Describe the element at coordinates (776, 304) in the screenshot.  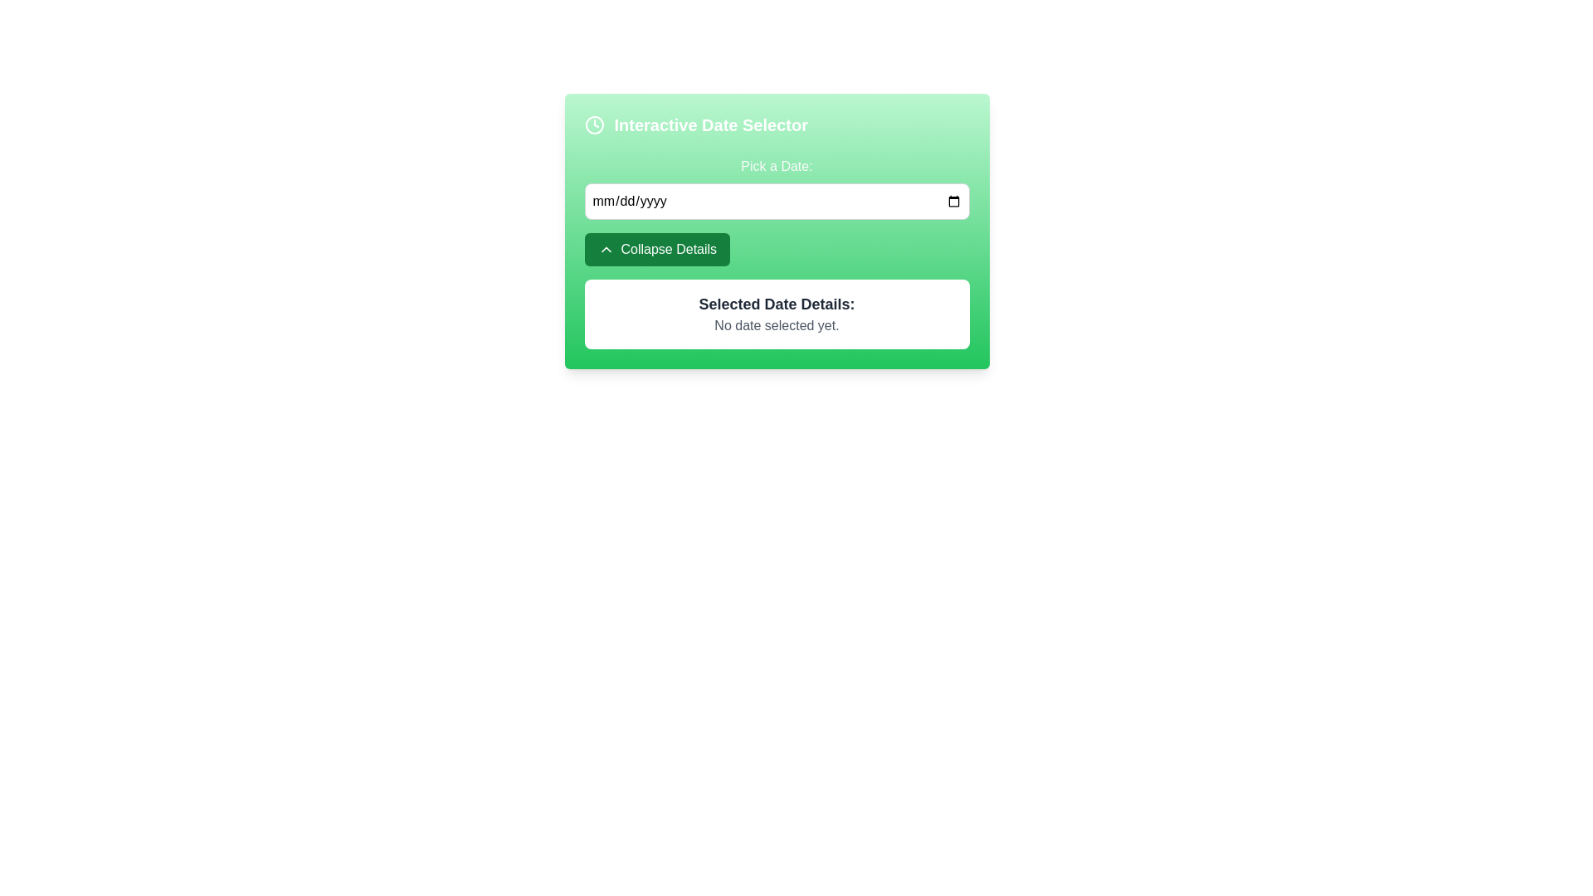
I see `the text label that serves as a heading for the information regarding selected dates, positioned above the 'No date selected yet.' text within a white card-like section on a green background` at that location.